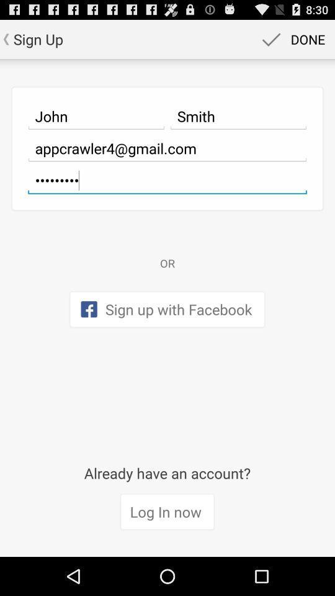 The height and width of the screenshot is (596, 335). I want to click on item next to the smith icon, so click(96, 116).